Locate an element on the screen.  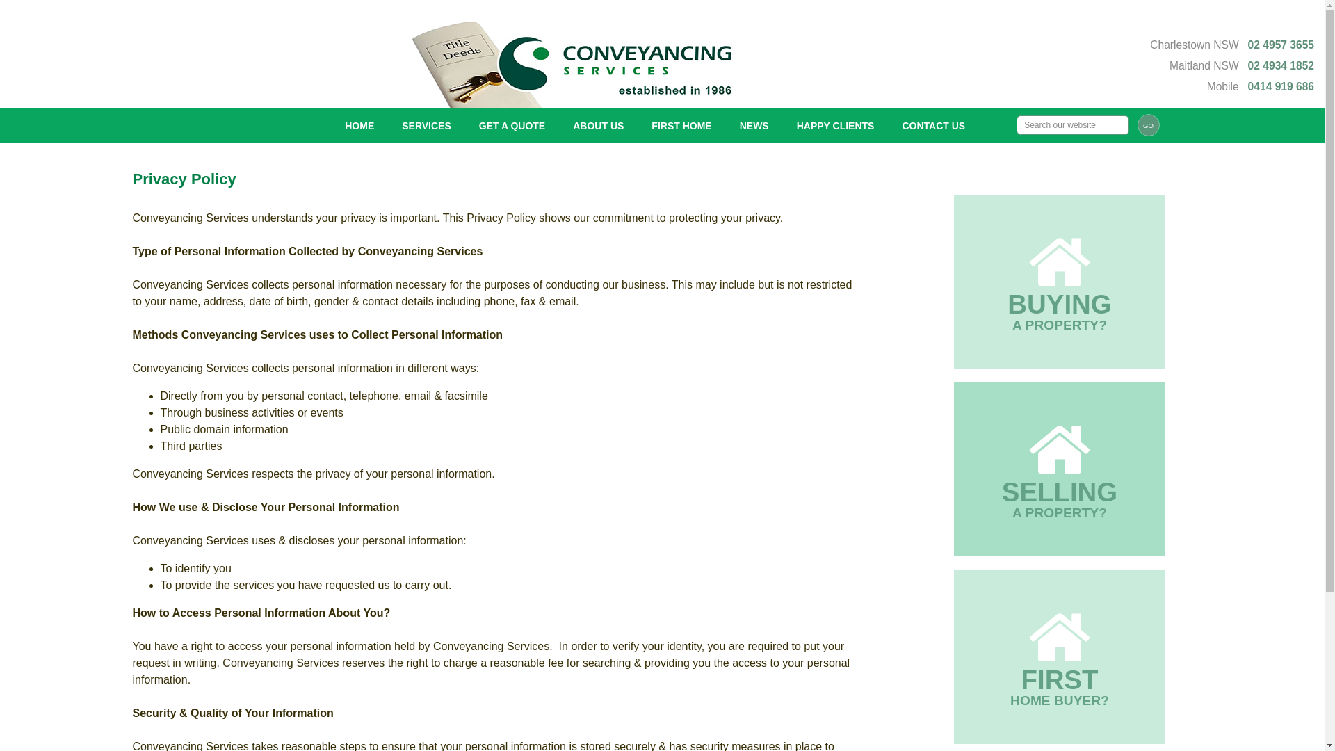
'FIRST is located at coordinates (1059, 657).